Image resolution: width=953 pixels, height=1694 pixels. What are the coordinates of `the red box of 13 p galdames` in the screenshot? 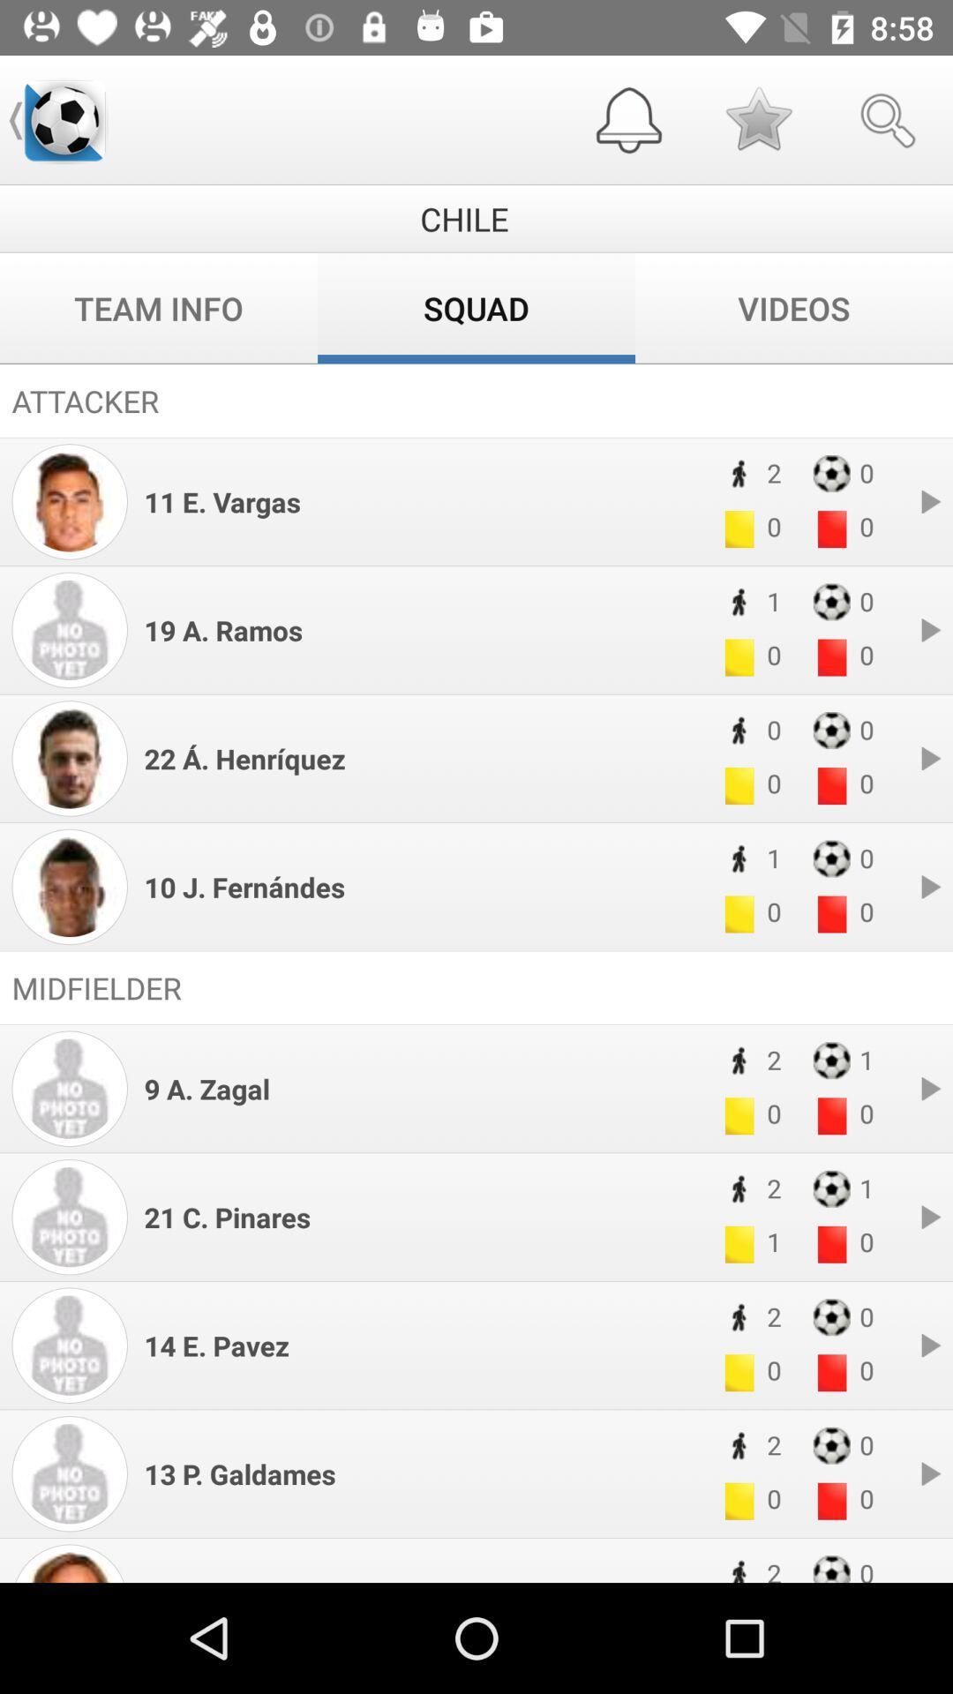 It's located at (831, 1501).